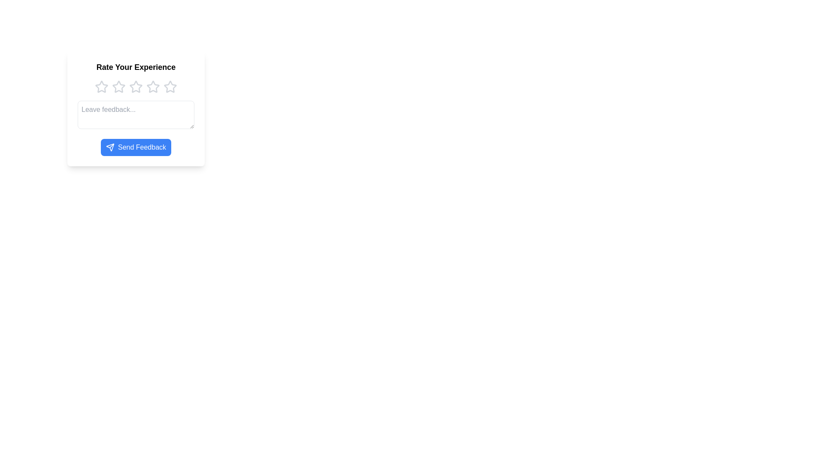 This screenshot has width=824, height=463. I want to click on the decorative icon located at the leftmost side of the 'Send Feedback' button, which is positioned below the feedback input field and star rating component, so click(109, 147).